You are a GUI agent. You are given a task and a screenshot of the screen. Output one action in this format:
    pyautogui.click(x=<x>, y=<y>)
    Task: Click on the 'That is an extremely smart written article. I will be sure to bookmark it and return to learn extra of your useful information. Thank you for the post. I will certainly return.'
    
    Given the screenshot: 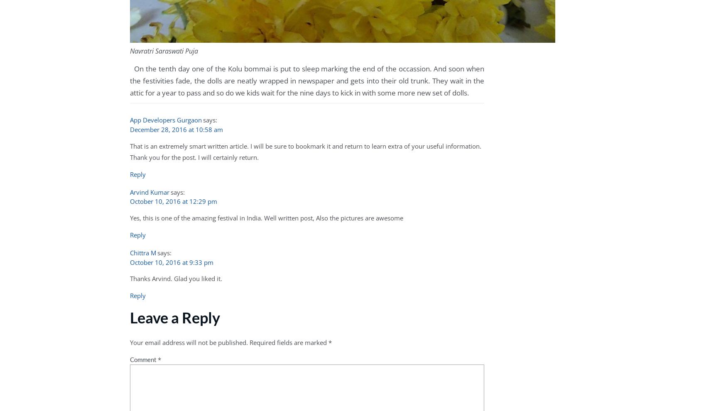 What is the action you would take?
    pyautogui.click(x=305, y=151)
    